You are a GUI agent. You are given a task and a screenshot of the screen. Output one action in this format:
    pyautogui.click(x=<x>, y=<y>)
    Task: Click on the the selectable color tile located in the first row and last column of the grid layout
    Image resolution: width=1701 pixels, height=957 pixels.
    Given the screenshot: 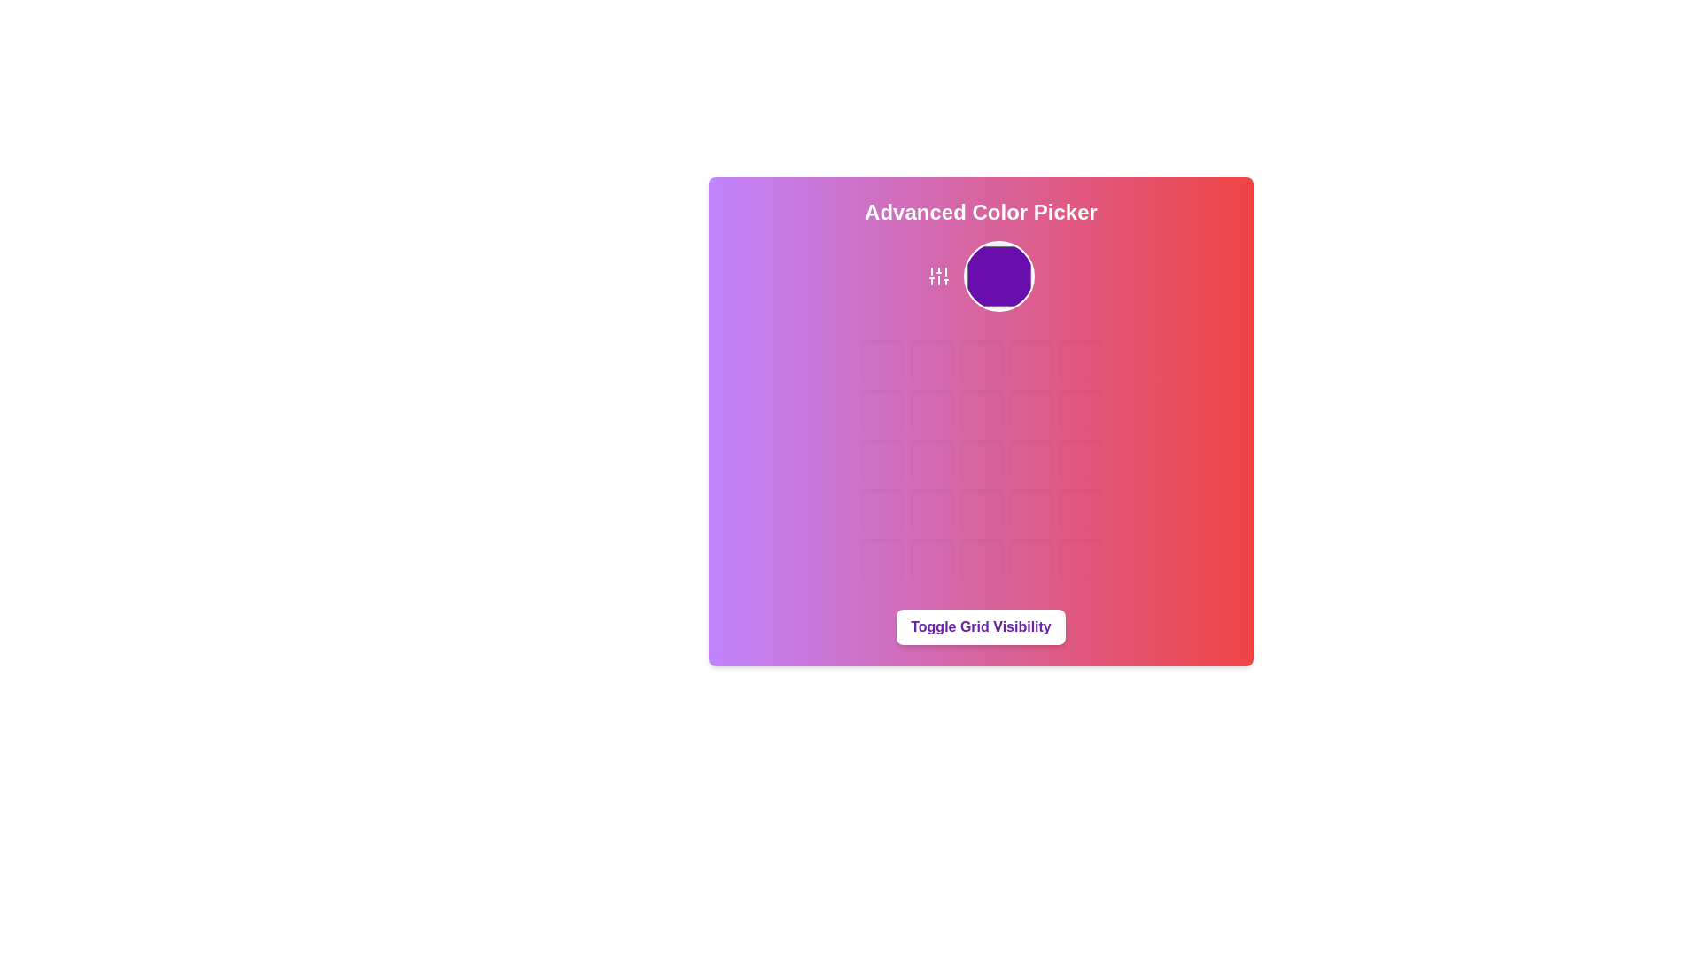 What is the action you would take?
    pyautogui.click(x=1079, y=361)
    